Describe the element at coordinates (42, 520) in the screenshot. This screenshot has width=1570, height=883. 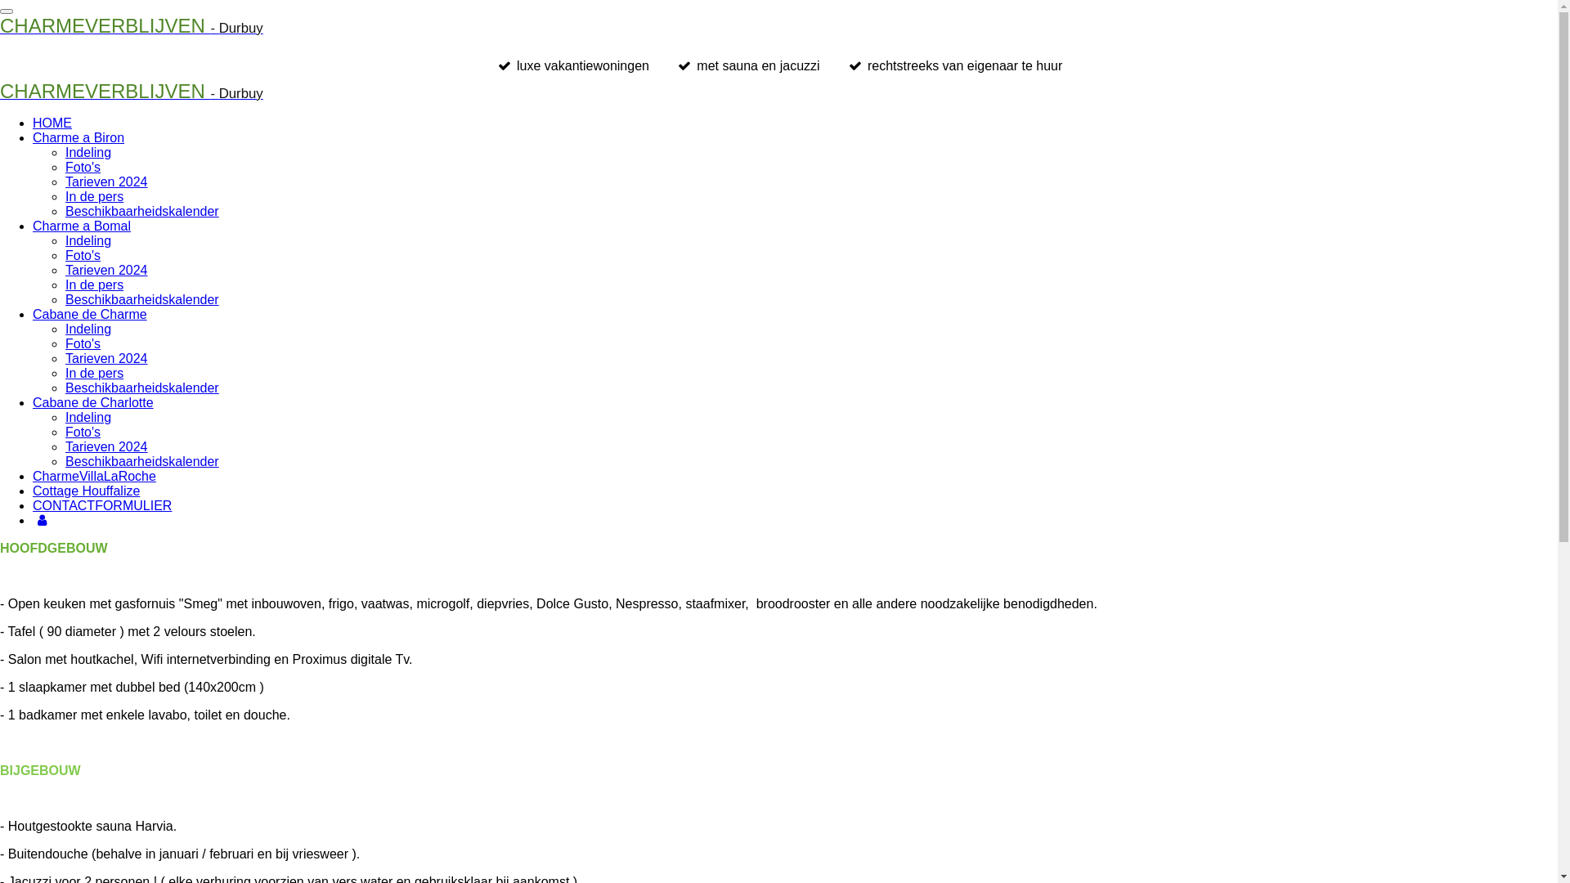
I see `'Account'` at that location.